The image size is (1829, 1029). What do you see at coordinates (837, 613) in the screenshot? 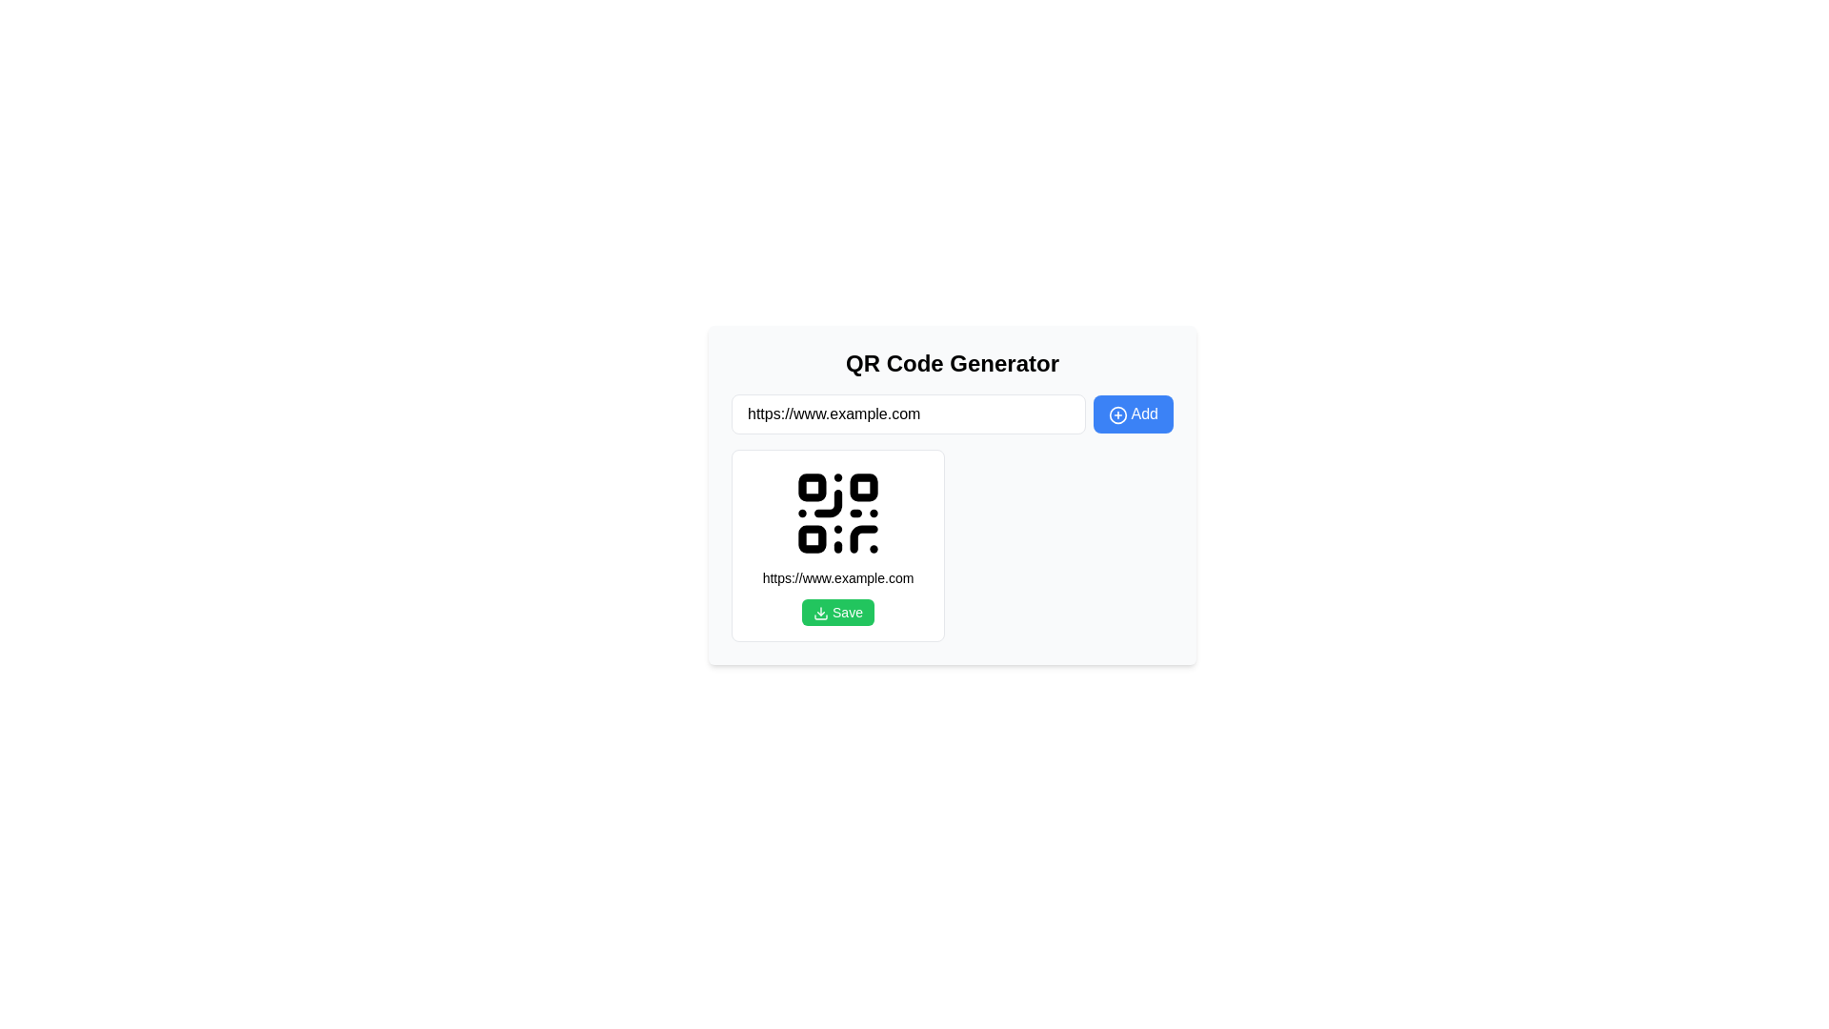
I see `the green rectangular 'Save' button with rounded corners located below the QR code and URL text 'https://www.example.com'` at bounding box center [837, 613].